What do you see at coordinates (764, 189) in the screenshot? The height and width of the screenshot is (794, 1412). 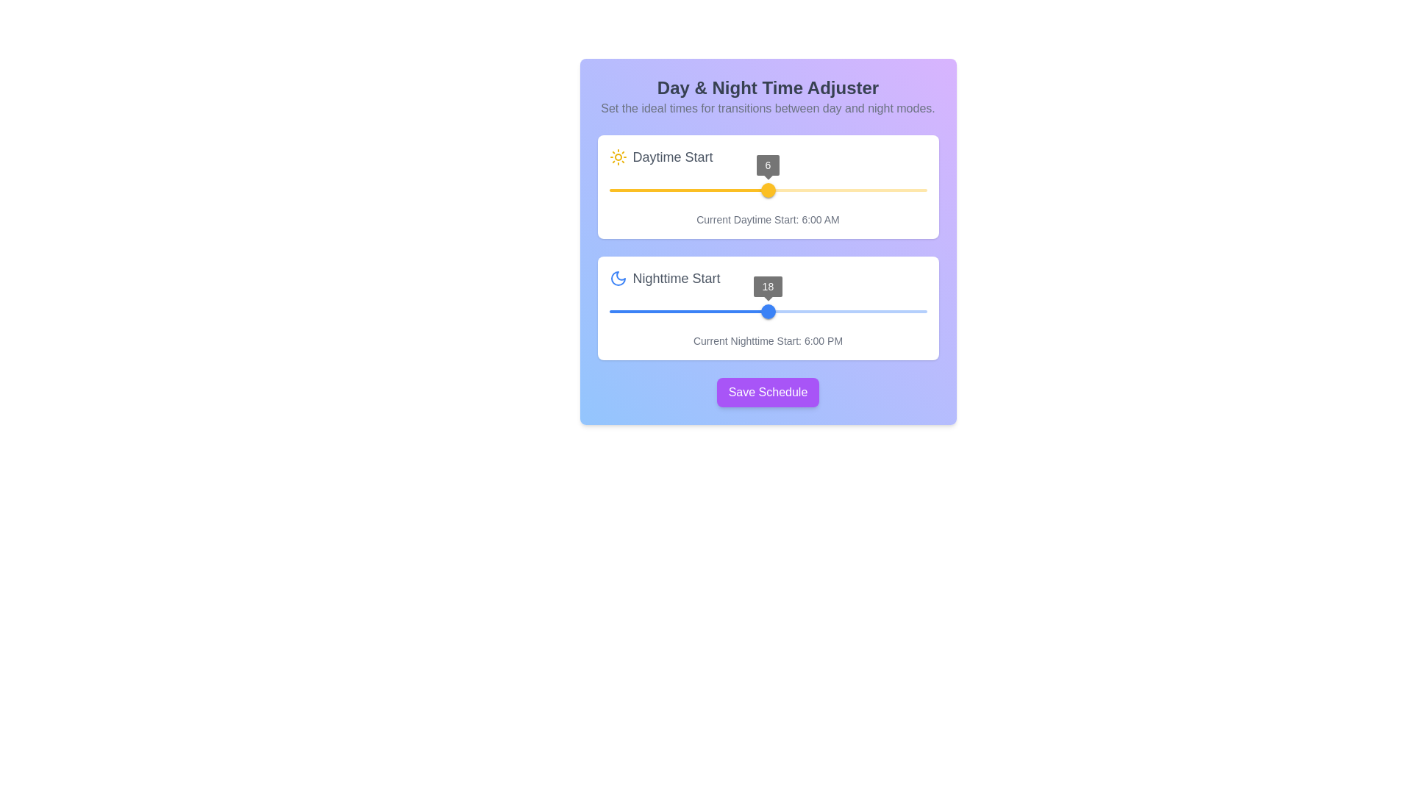 I see `the Daytime Start slider` at bounding box center [764, 189].